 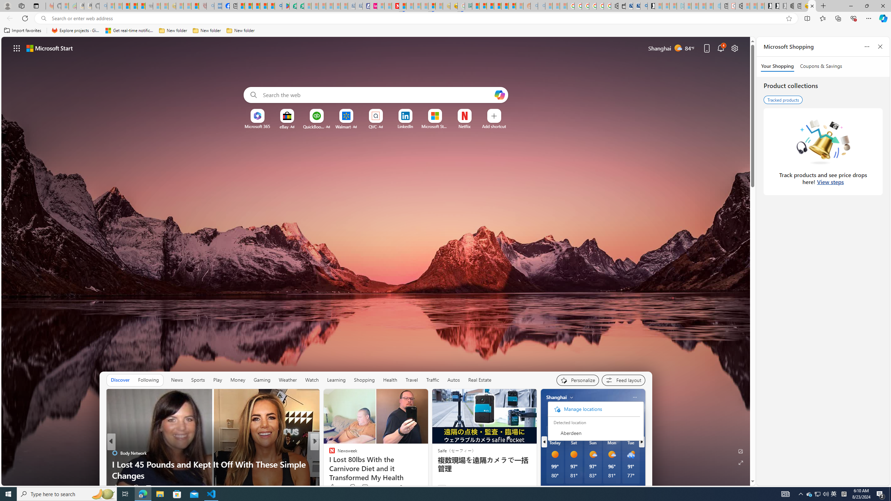 What do you see at coordinates (257, 116) in the screenshot?
I see `'To get missing image descriptions, open the context menu.'` at bounding box center [257, 116].